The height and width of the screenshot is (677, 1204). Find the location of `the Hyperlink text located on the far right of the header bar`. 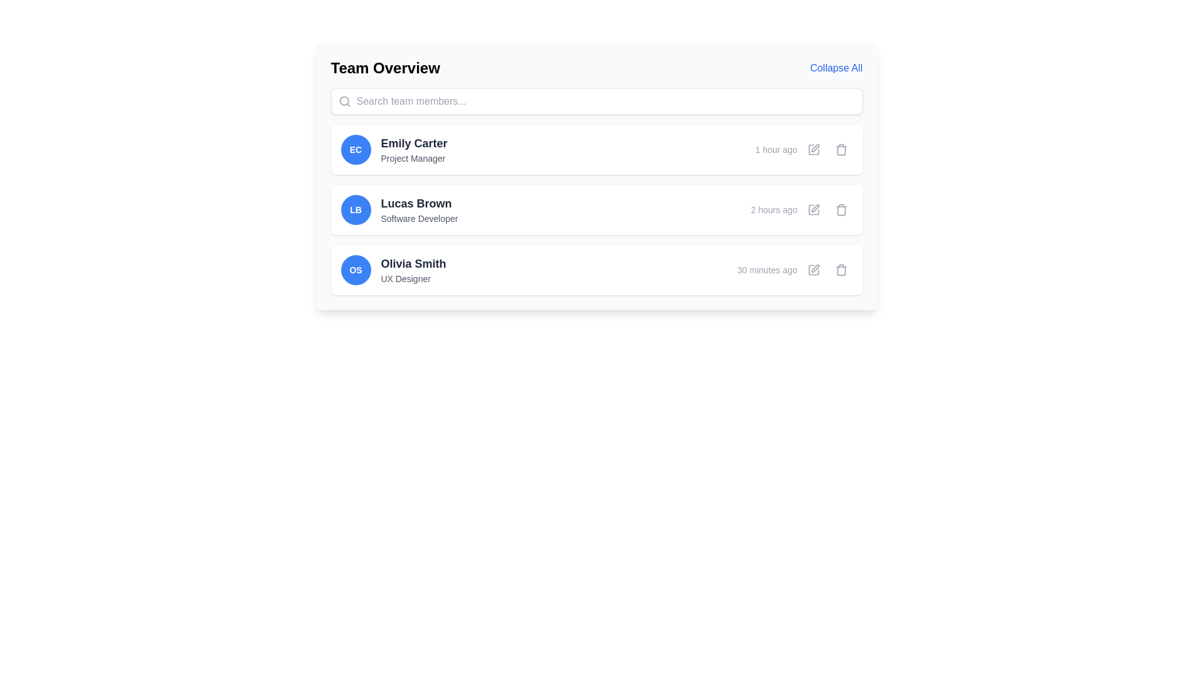

the Hyperlink text located on the far right of the header bar is located at coordinates (836, 68).